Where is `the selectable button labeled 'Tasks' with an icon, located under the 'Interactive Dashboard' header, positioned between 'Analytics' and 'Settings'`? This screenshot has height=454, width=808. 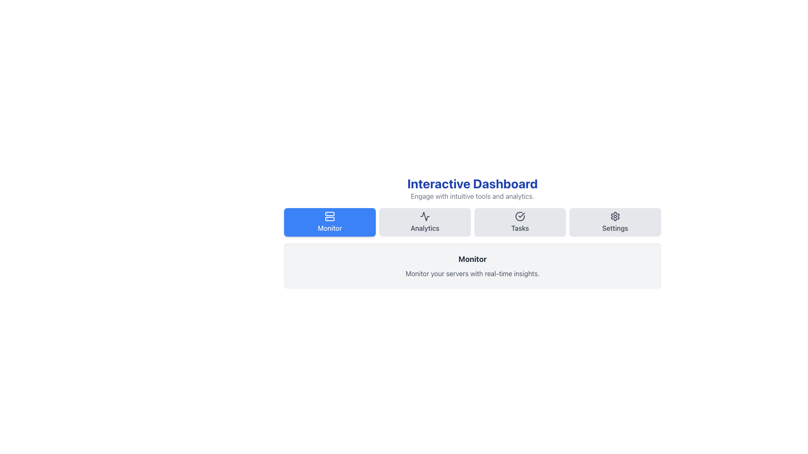
the selectable button labeled 'Tasks' with an icon, located under the 'Interactive Dashboard' header, positioned between 'Analytics' and 'Settings' is located at coordinates (520, 222).